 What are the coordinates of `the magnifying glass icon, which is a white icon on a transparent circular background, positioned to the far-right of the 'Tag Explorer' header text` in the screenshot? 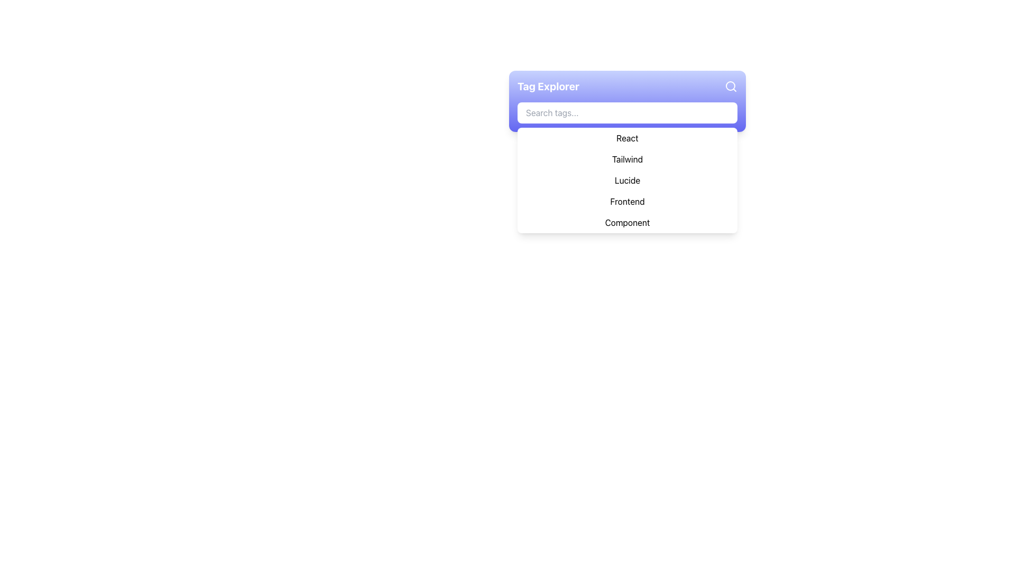 It's located at (730, 86).